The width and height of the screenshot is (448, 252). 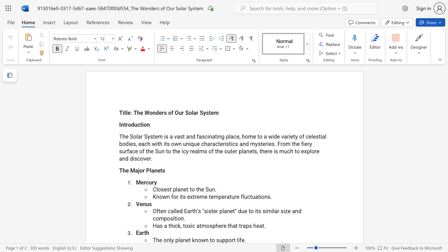 I want to click on the 2th character "r" in the text, so click(x=183, y=112).